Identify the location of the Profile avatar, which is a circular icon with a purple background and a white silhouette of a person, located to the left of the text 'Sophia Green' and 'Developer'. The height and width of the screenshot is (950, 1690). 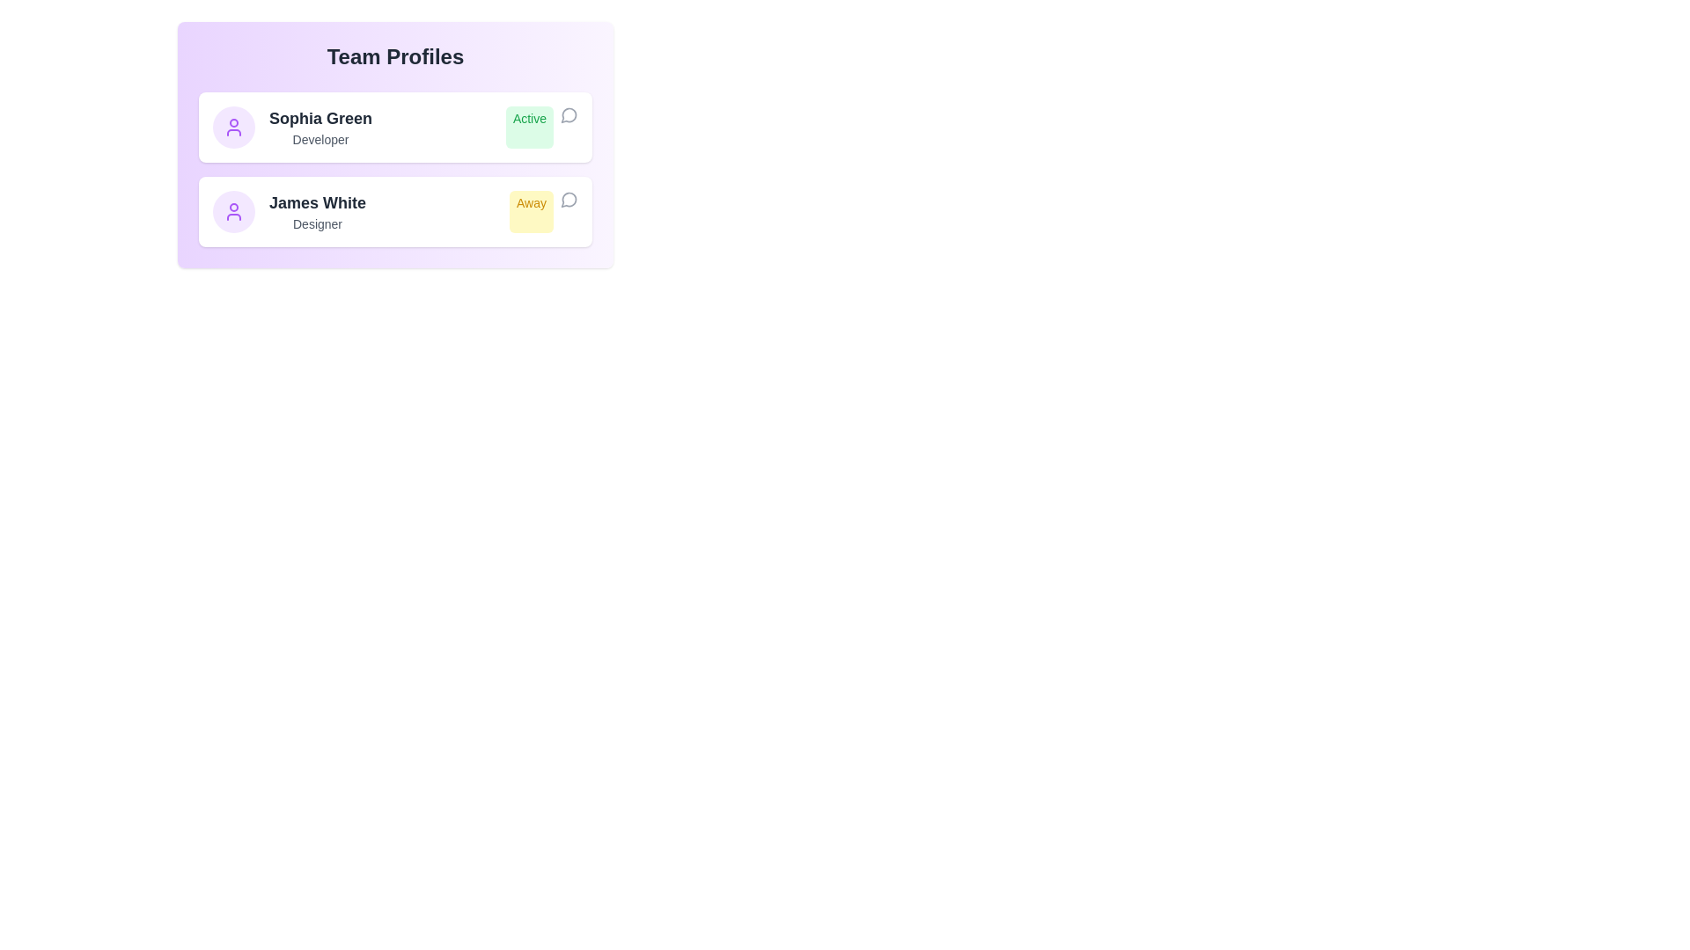
(232, 127).